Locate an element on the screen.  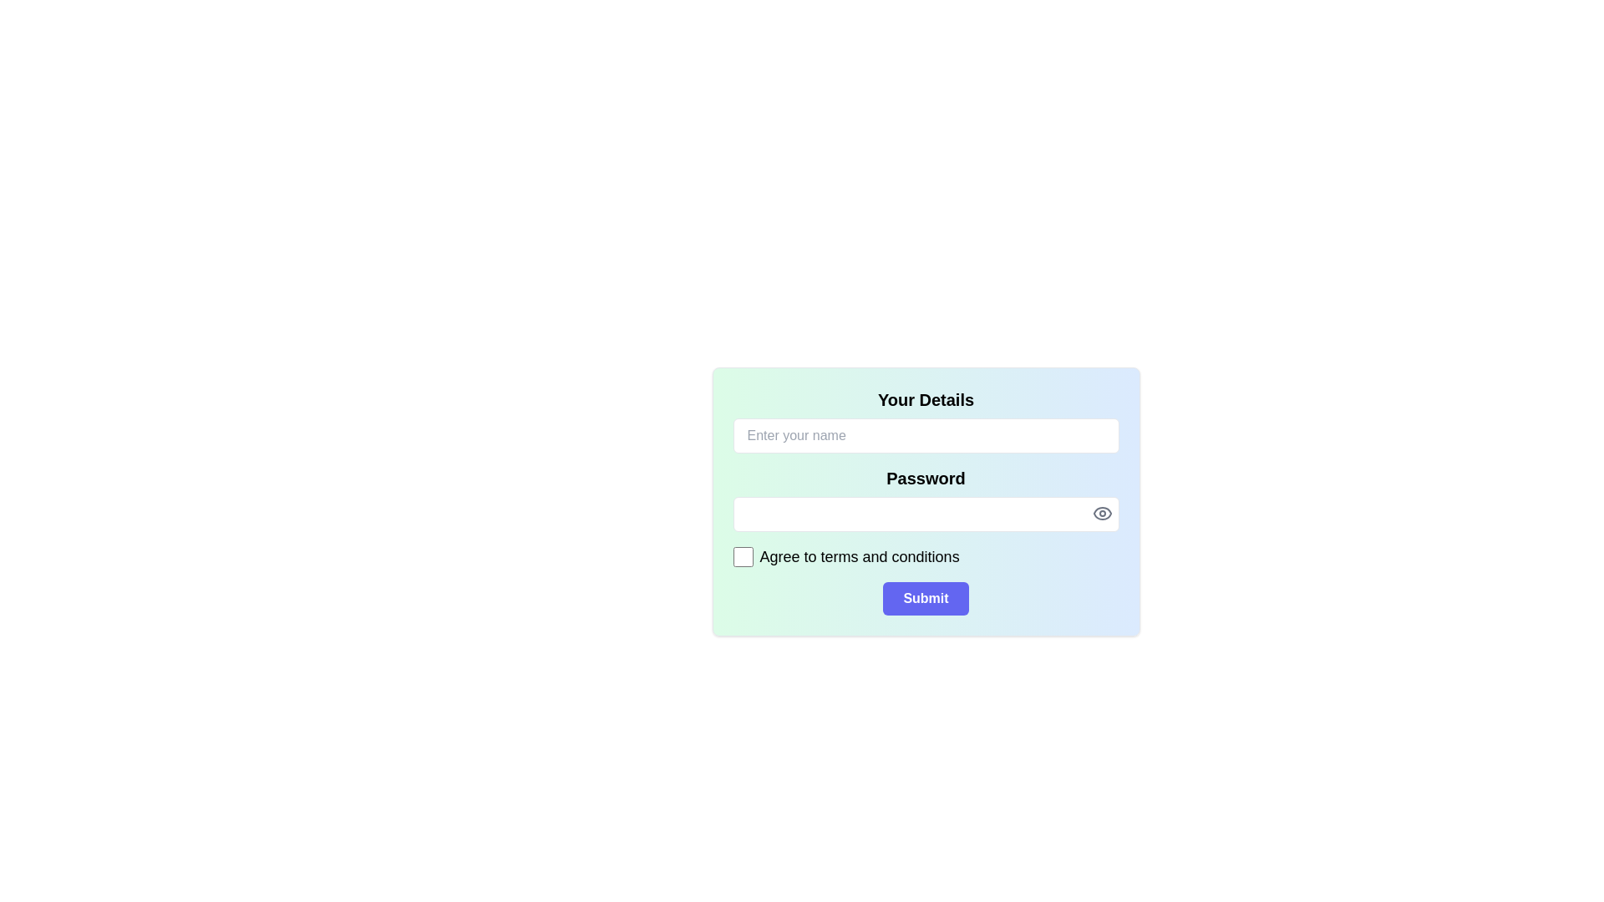
the 'Submit' button with a vibrant purple background and white bold text is located at coordinates (925, 598).